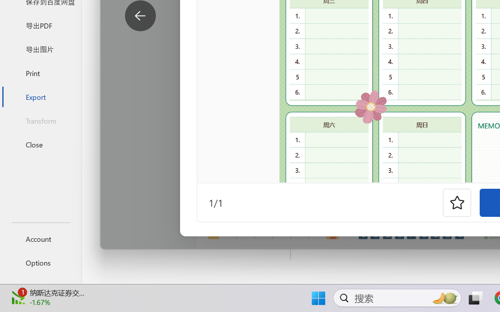 This screenshot has height=312, width=500. Describe the element at coordinates (40, 73) in the screenshot. I see `'Print'` at that location.